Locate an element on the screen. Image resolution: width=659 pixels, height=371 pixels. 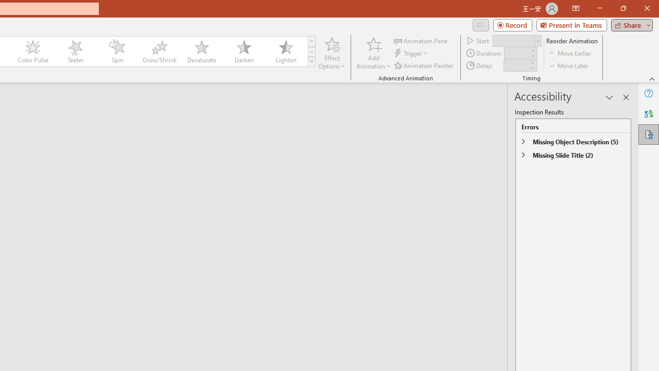
'Grow/Shrink' is located at coordinates (159, 52).